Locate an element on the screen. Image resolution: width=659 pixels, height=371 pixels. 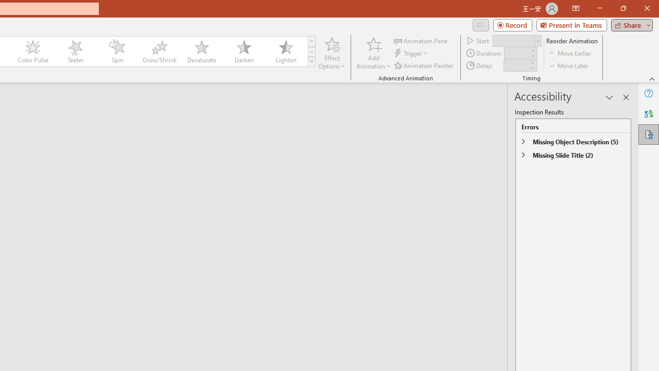
'Grow/Shrink' is located at coordinates (159, 52).